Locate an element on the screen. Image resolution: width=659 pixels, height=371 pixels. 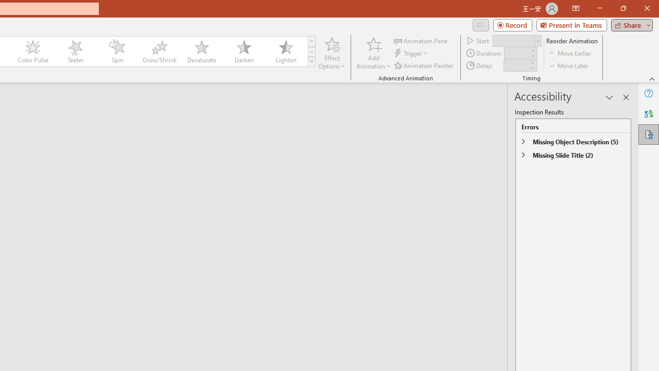
'Grow/Shrink' is located at coordinates (159, 52).